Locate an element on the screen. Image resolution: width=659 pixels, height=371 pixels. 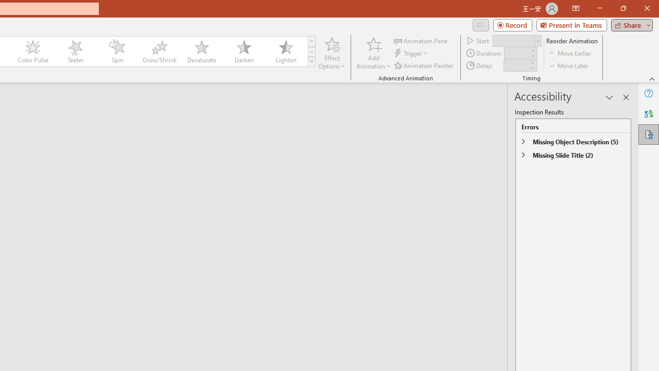
'Grow/Shrink' is located at coordinates (159, 52).